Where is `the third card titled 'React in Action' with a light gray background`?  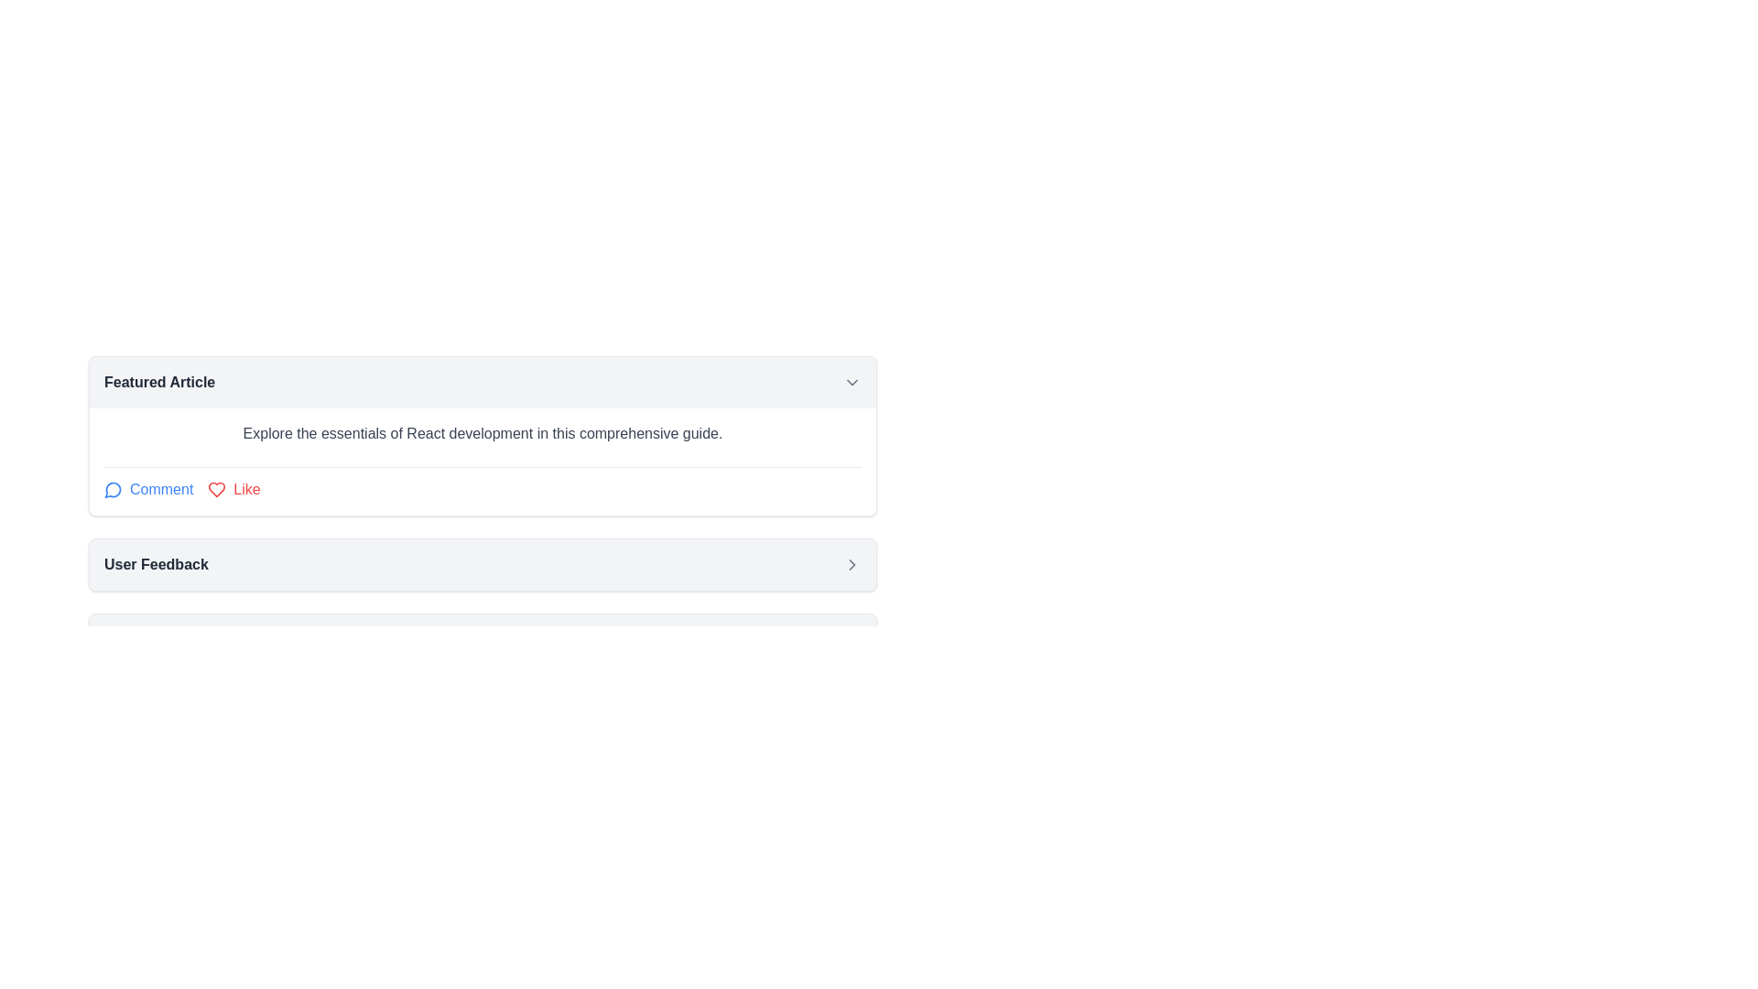 the third card titled 'React in Action' with a light gray background is located at coordinates (483, 638).